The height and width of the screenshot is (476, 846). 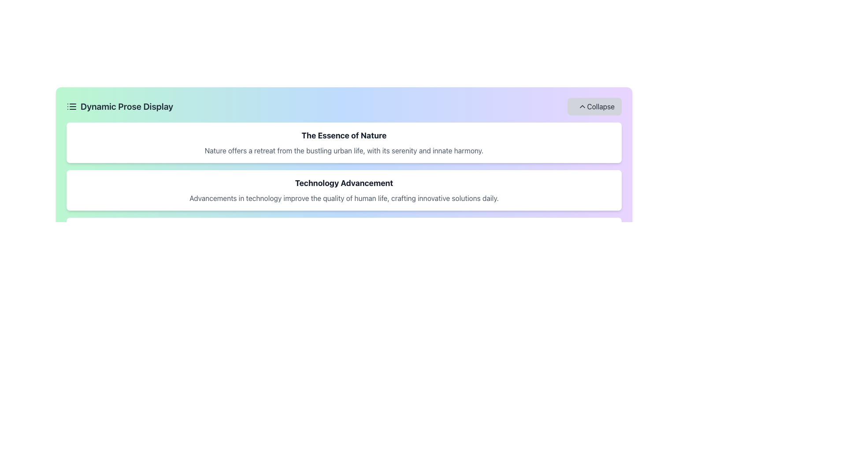 What do you see at coordinates (344, 136) in the screenshot?
I see `text label titled 'The Essence of Nature', which is prominently displayed in bold and large font above a descriptive paragraph` at bounding box center [344, 136].